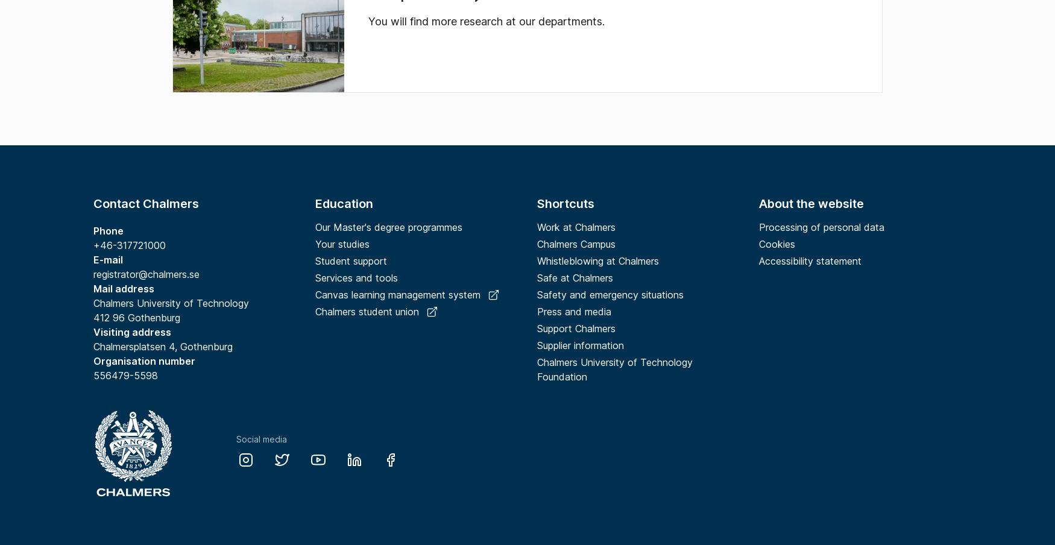  Describe the element at coordinates (146, 204) in the screenshot. I see `'Contact Chalmers'` at that location.